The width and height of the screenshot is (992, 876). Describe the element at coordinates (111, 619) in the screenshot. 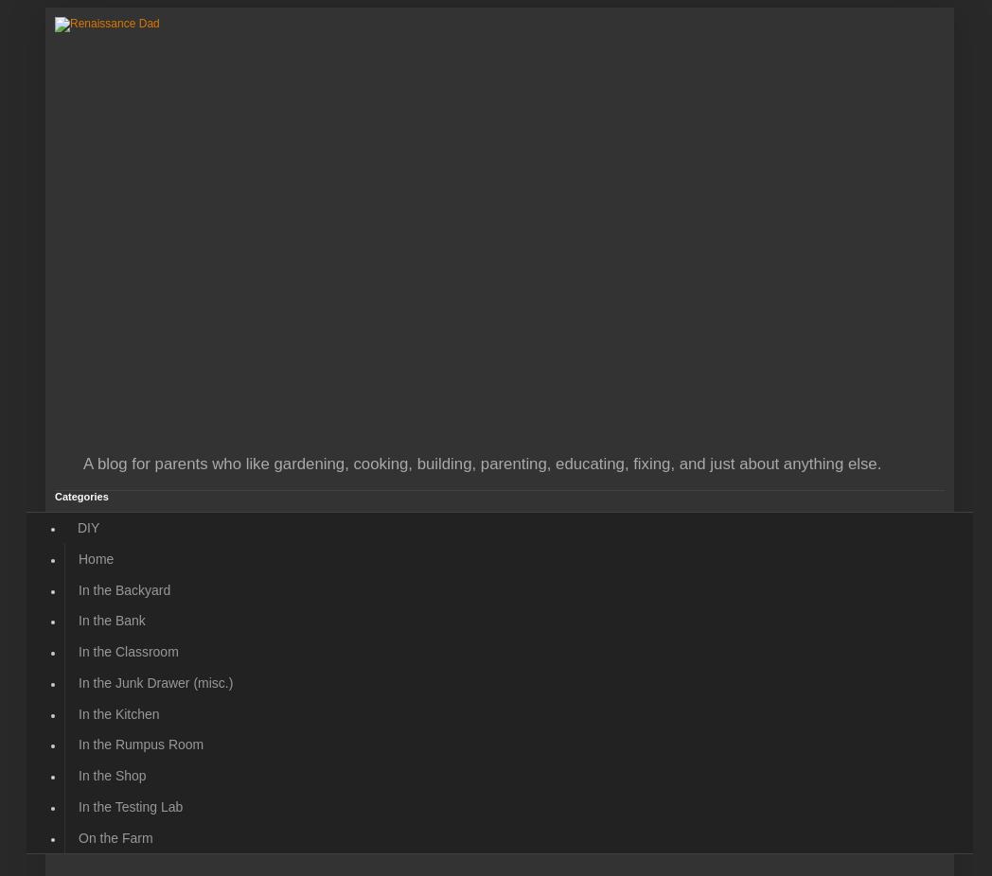

I see `'In the Bank'` at that location.